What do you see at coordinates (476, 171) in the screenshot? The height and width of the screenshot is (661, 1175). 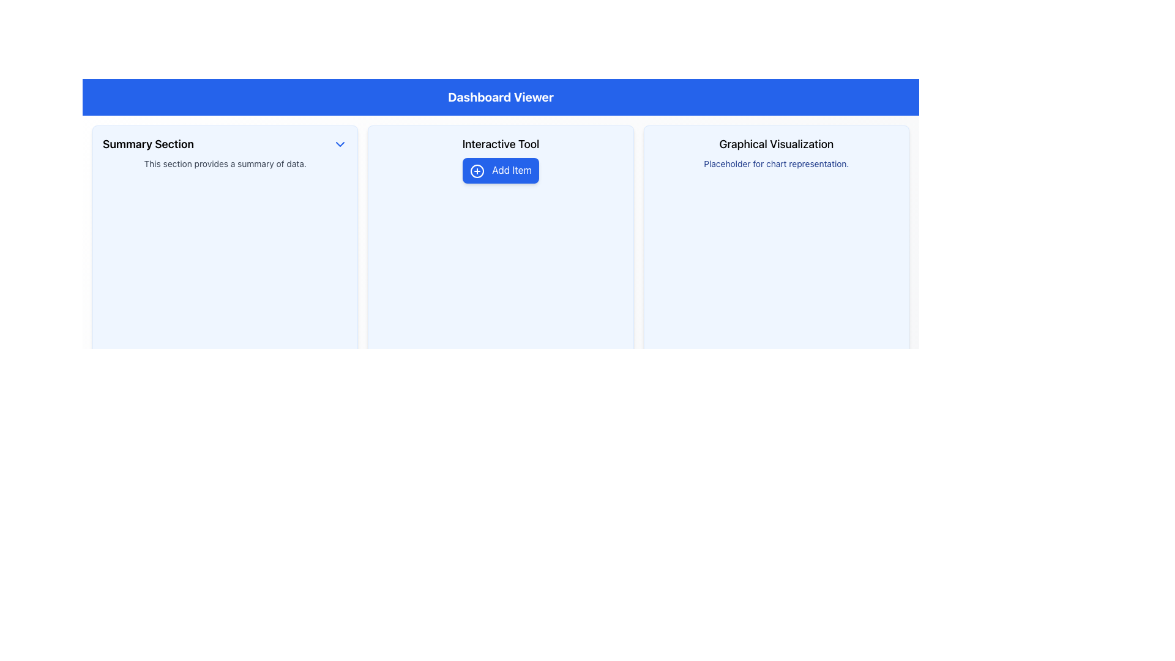 I see `the Decorative Icon that visually enhances the 'Add Item' button, located centrally in the layout` at bounding box center [476, 171].